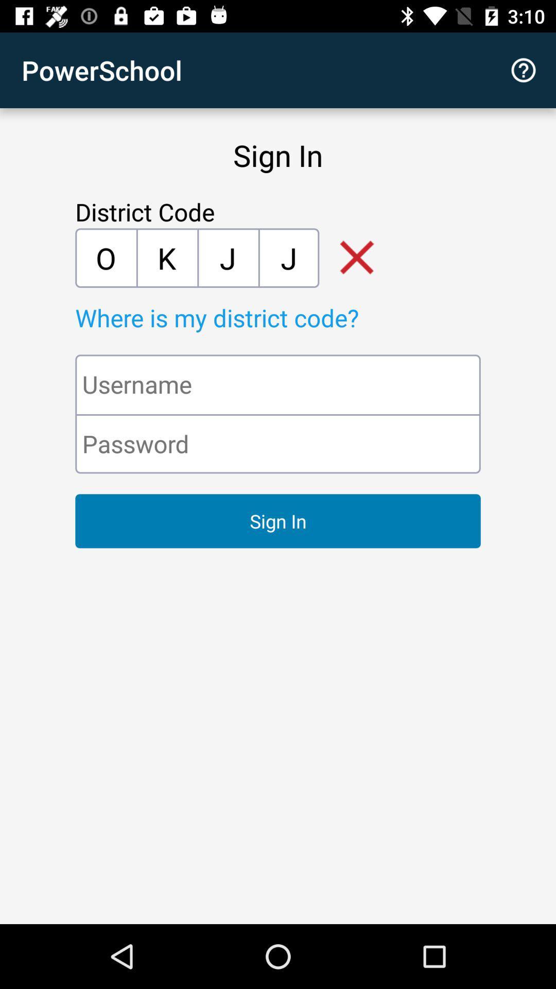  I want to click on the icon above the sign in, so click(278, 444).